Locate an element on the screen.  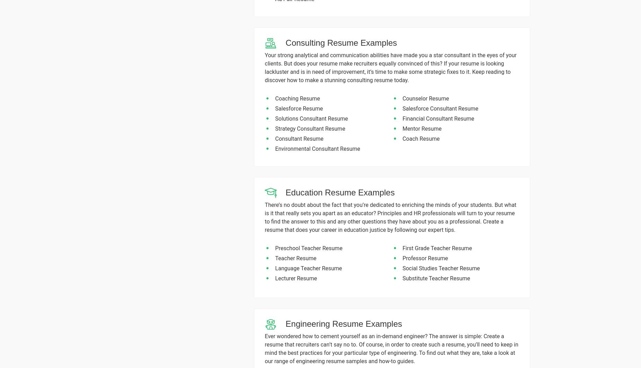
'Financial Consultant Resume' is located at coordinates (402, 118).